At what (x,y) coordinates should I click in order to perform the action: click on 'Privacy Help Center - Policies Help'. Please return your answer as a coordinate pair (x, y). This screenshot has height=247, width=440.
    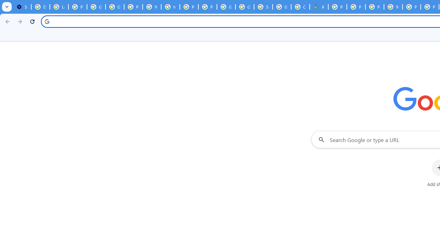
    Looking at the image, I should click on (374, 7).